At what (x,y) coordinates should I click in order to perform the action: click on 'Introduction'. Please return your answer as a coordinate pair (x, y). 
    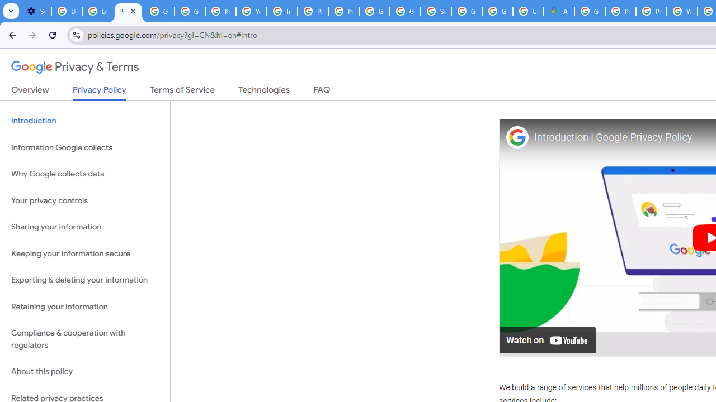
    Looking at the image, I should click on (84, 121).